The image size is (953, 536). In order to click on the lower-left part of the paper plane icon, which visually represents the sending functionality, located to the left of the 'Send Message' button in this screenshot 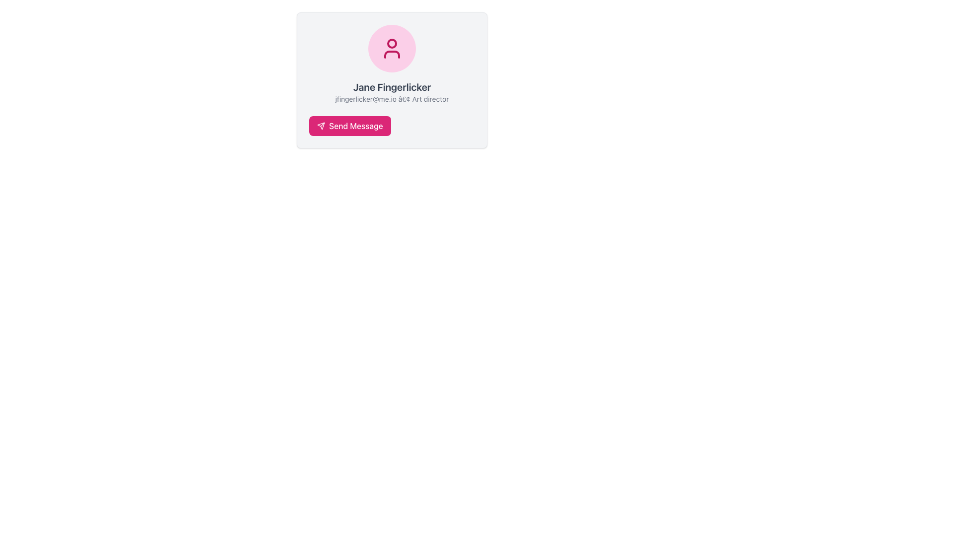, I will do `click(321, 126)`.